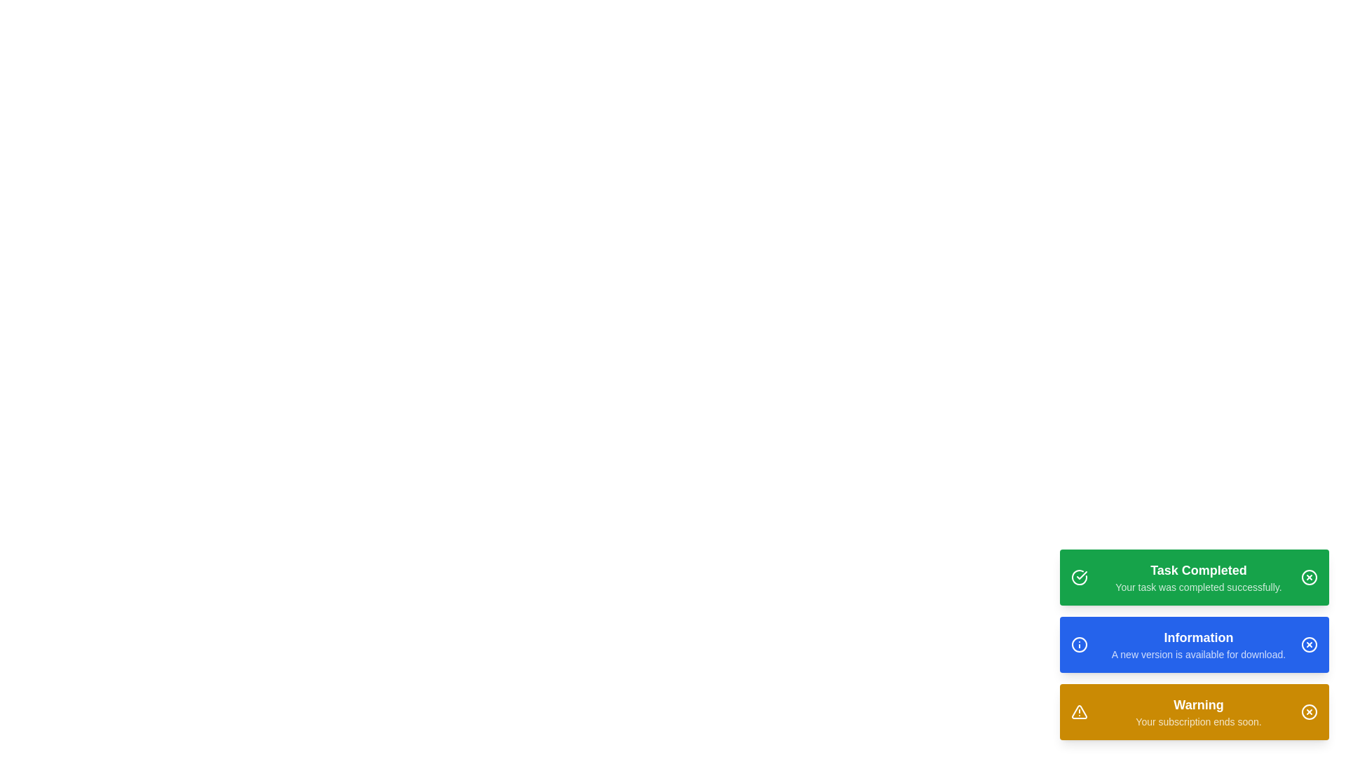 The image size is (1346, 757). Describe the element at coordinates (1079, 578) in the screenshot. I see `the circular icon with a checkmark inside, located at the top-left corner of the green notification banner for potential interaction` at that location.